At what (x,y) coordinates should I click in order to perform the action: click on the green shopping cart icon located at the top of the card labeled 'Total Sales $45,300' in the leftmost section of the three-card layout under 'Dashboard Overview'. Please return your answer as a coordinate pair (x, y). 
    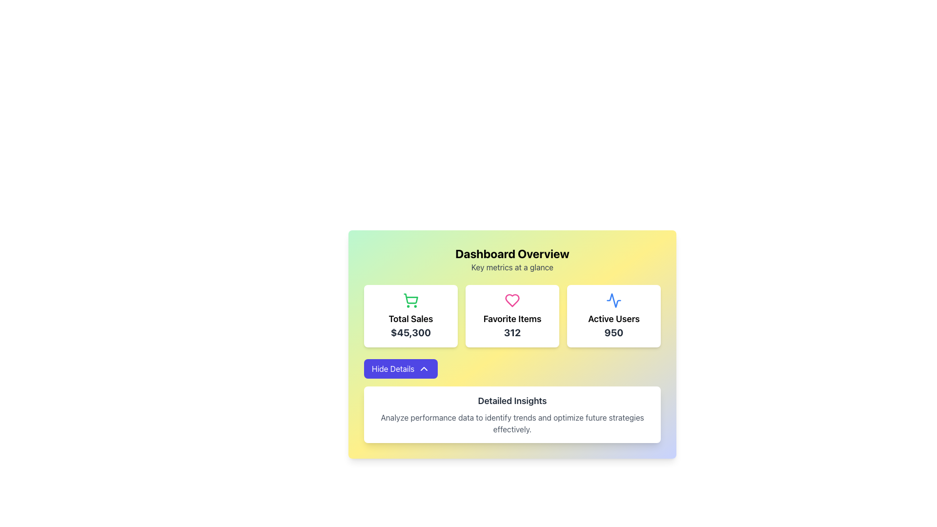
    Looking at the image, I should click on (411, 298).